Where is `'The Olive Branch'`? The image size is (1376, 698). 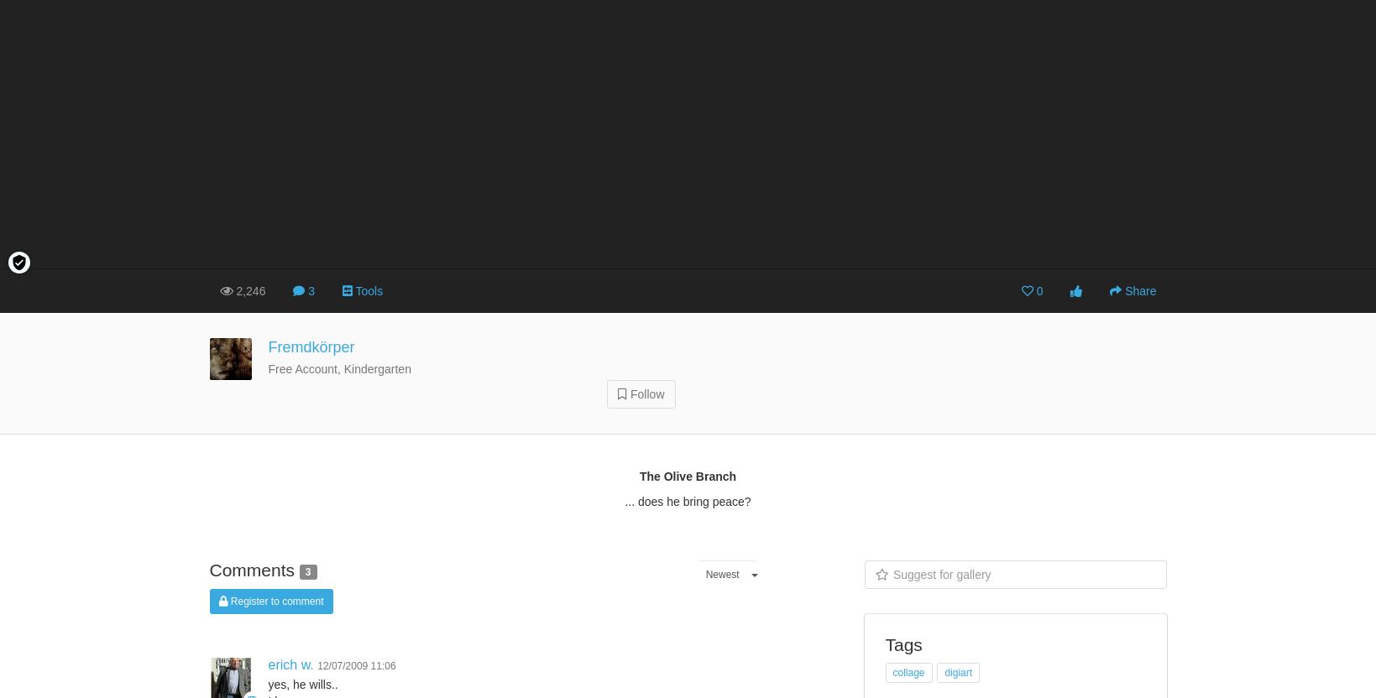 'The Olive Branch' is located at coordinates (688, 477).